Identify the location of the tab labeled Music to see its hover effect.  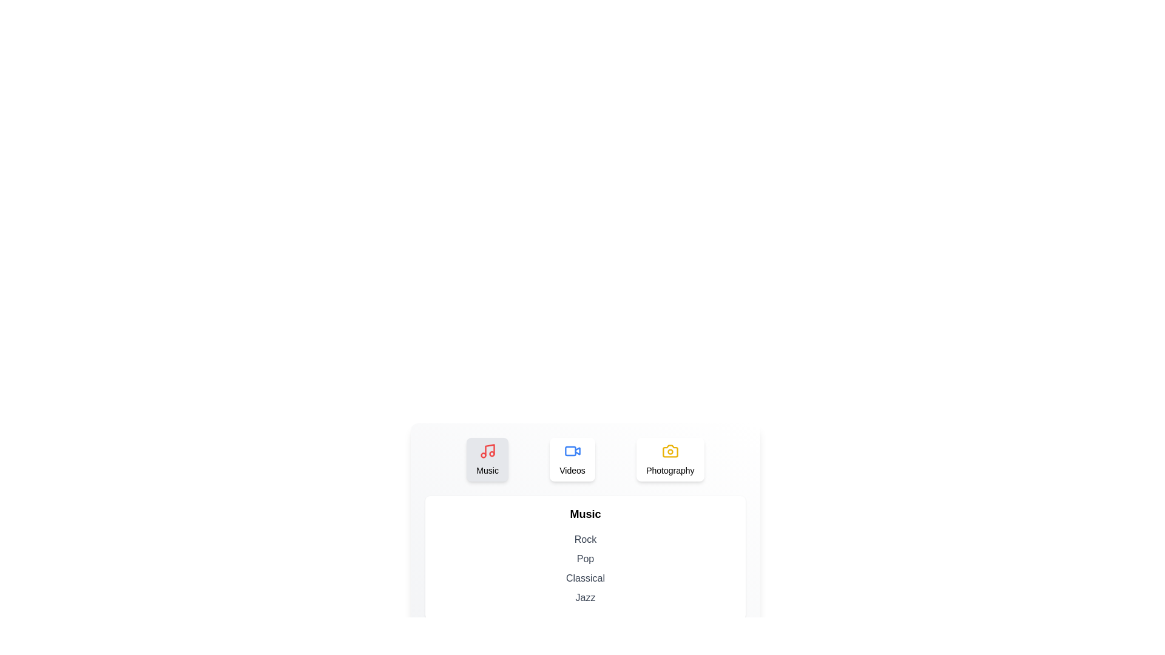
(487, 460).